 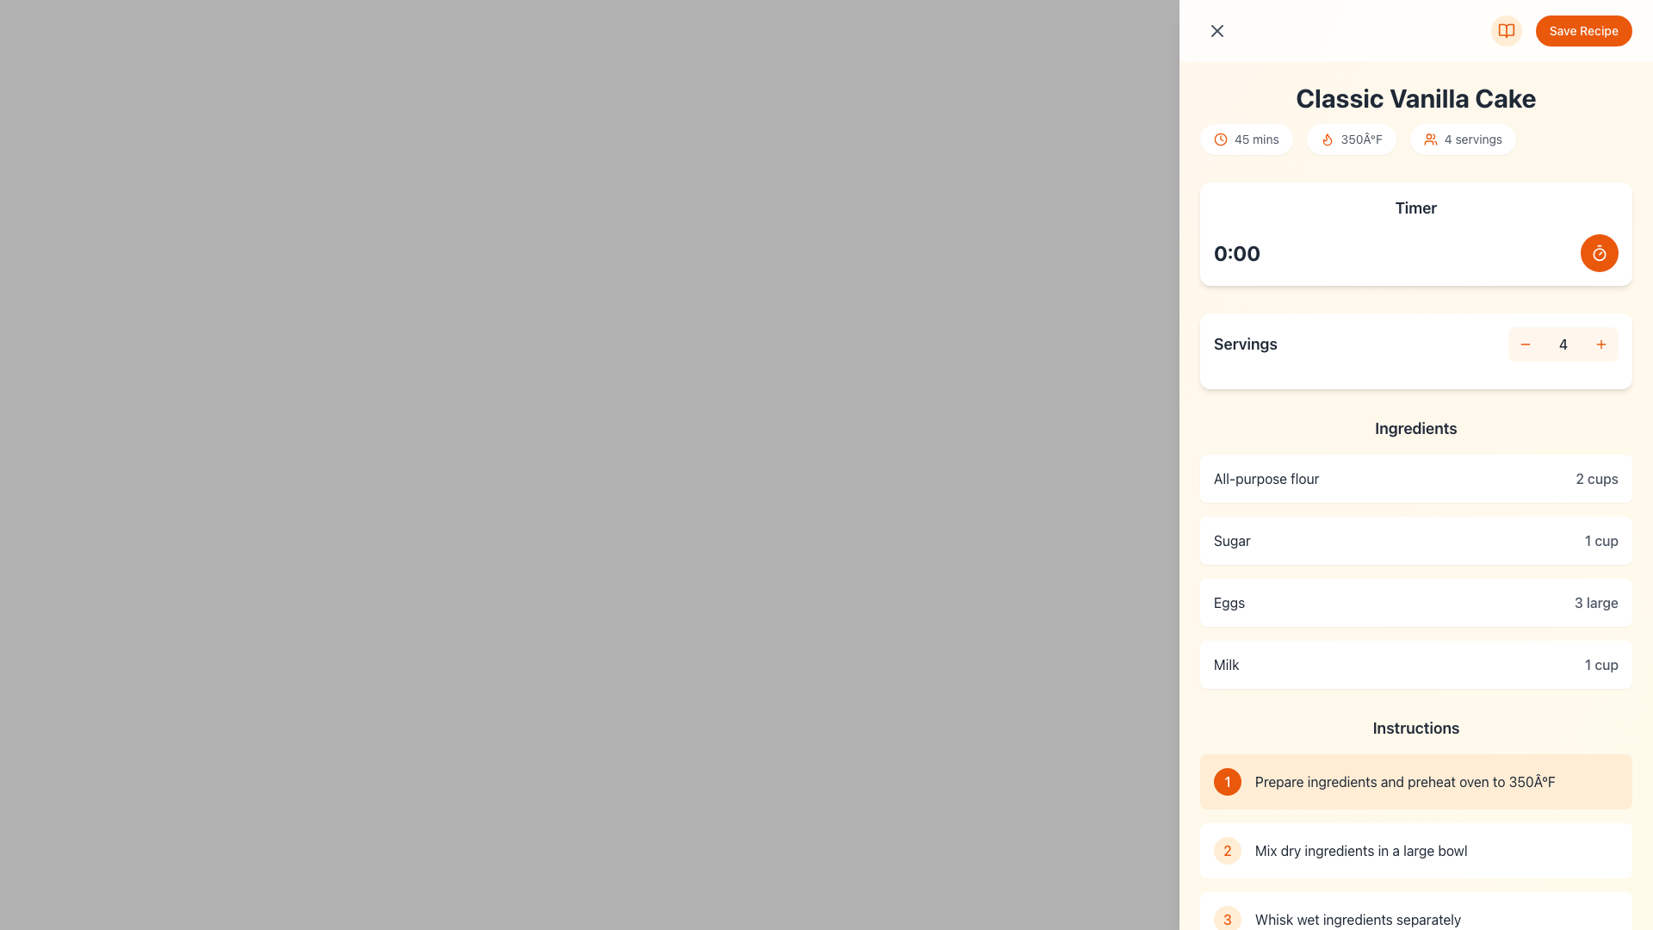 What do you see at coordinates (1225, 663) in the screenshot?
I see `the 'Milk' text label in the 'Ingredients' section, which describes the ingredient for the recipe` at bounding box center [1225, 663].